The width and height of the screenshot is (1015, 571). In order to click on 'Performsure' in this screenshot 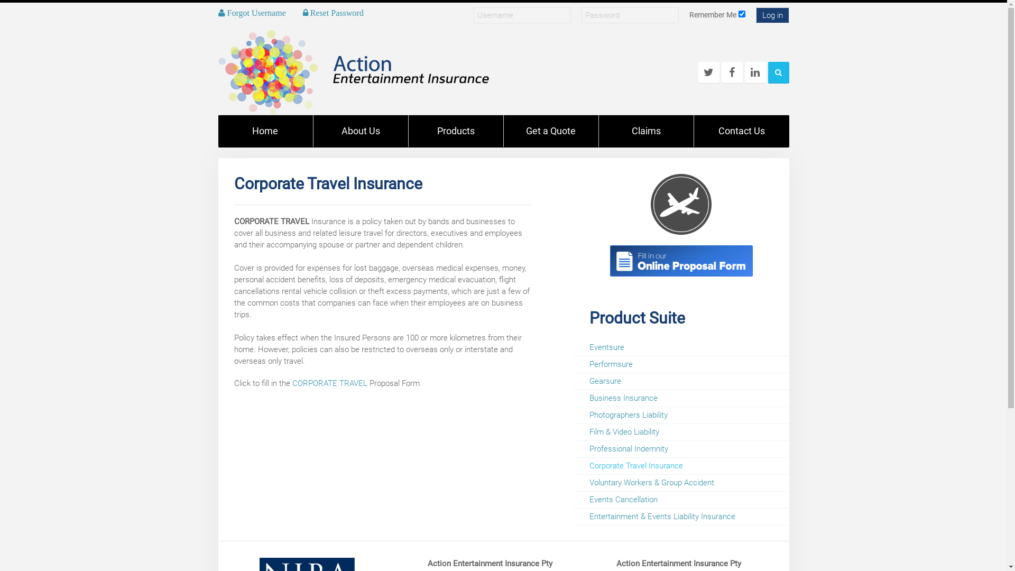, I will do `click(680, 364)`.